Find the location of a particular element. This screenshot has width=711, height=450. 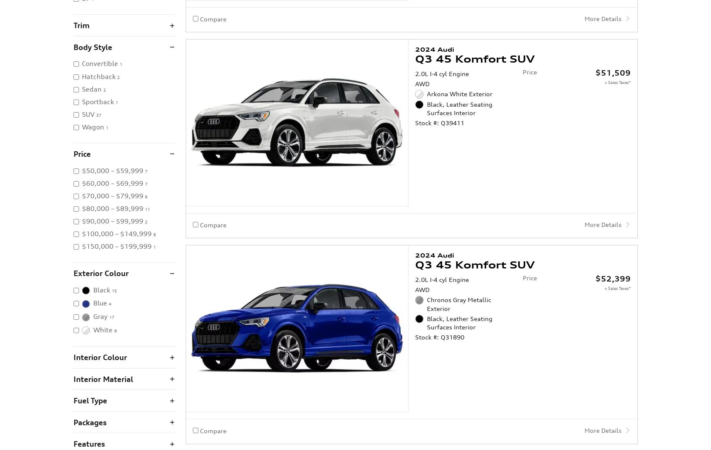

'Packages' is located at coordinates (90, 422).